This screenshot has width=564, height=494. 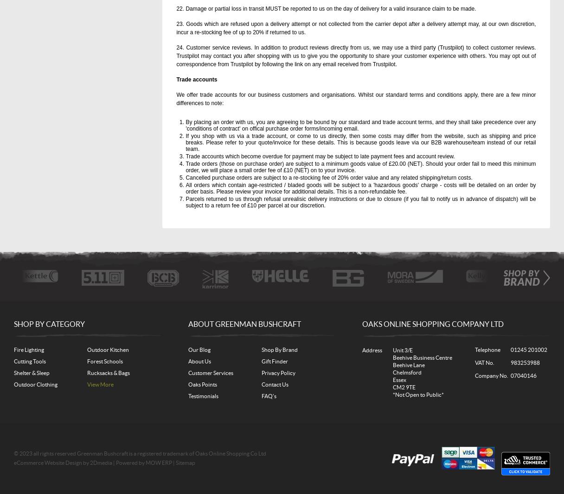 I want to click on '07040146', so click(x=522, y=375).